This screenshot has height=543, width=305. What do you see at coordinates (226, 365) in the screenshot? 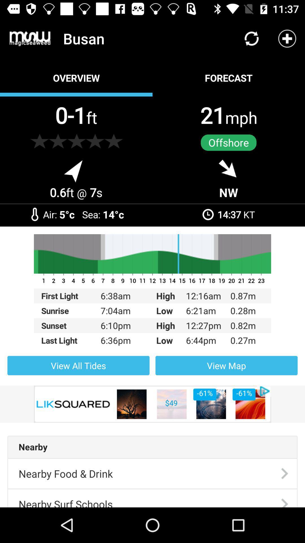
I see `the icon below low icon` at bounding box center [226, 365].